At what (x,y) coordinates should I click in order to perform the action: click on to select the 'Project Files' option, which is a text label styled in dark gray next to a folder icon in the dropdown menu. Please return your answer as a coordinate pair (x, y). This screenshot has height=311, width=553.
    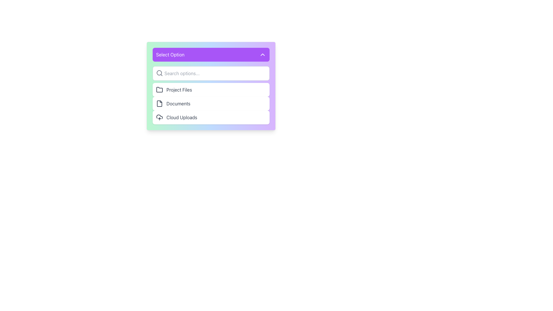
    Looking at the image, I should click on (179, 90).